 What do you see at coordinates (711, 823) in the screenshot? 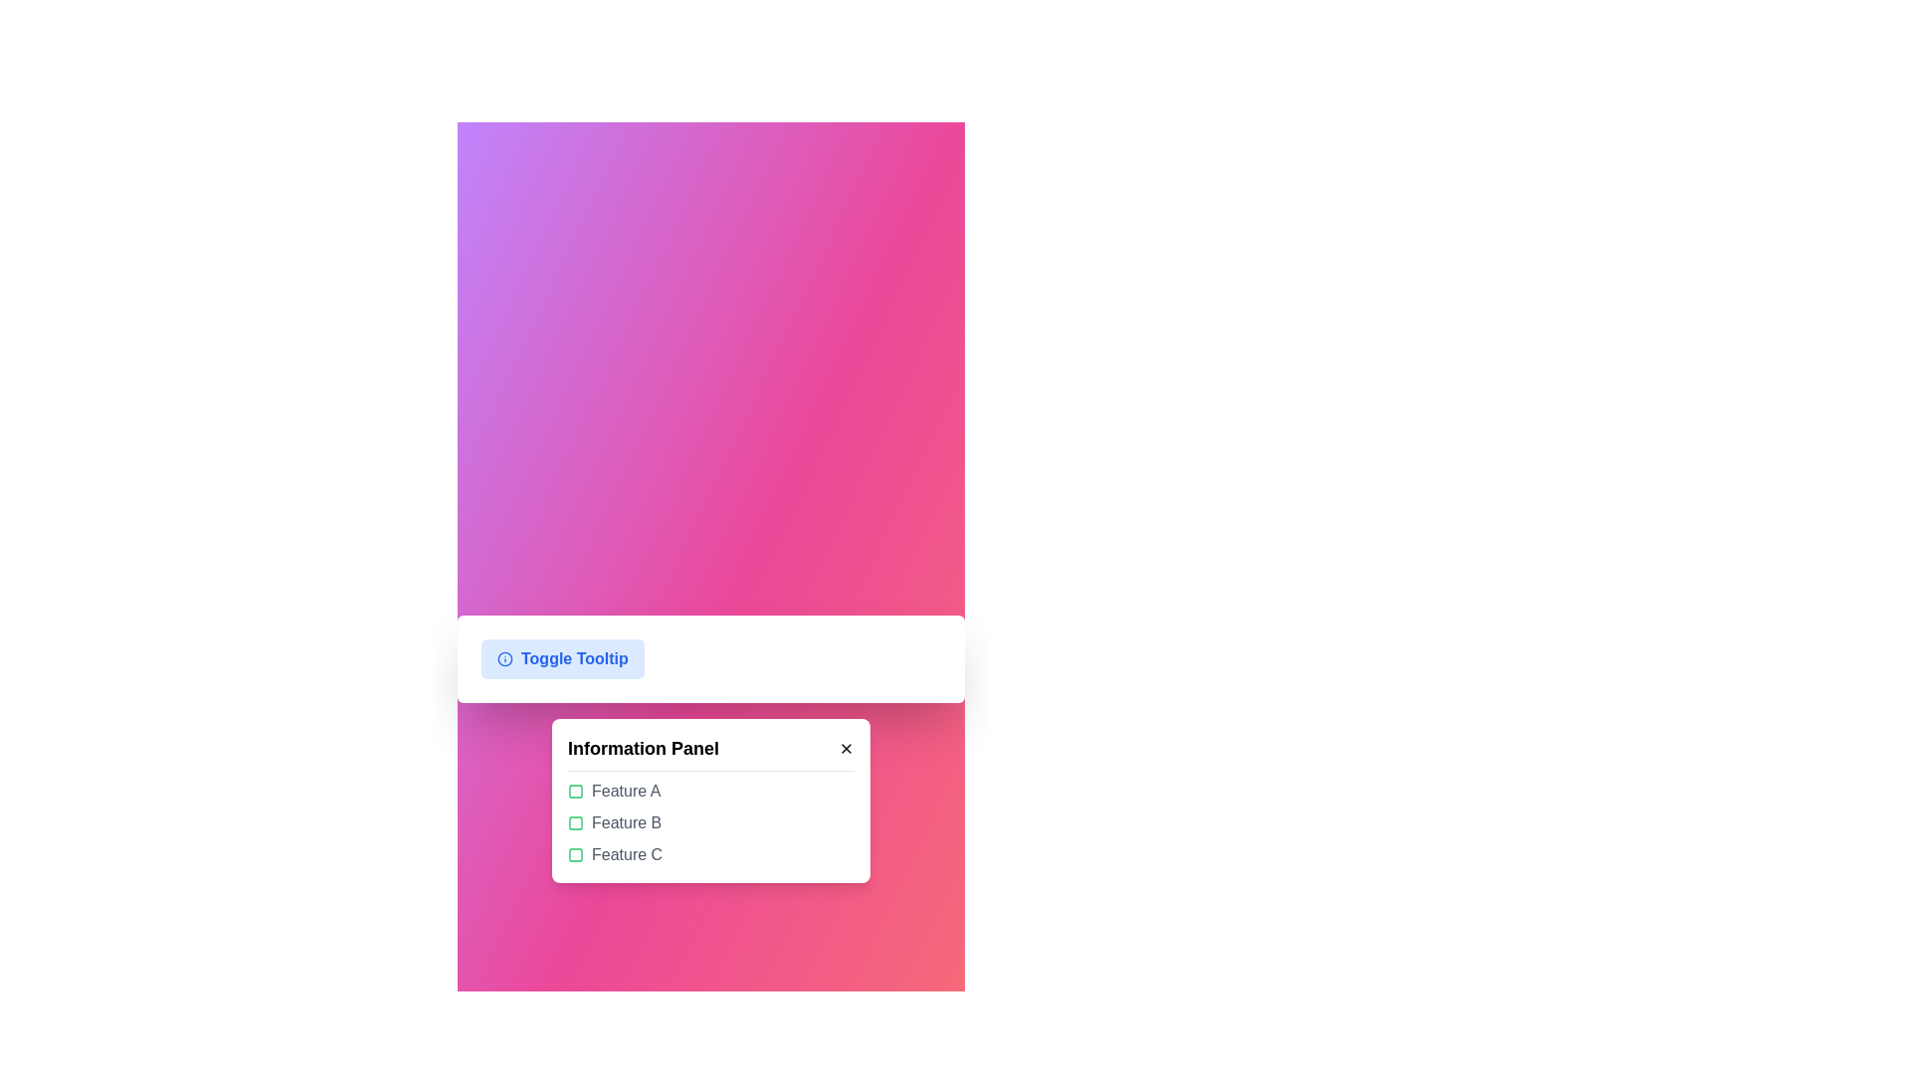
I see `the status of the second item in the 'Information Panel' which displays a list of features or options` at bounding box center [711, 823].